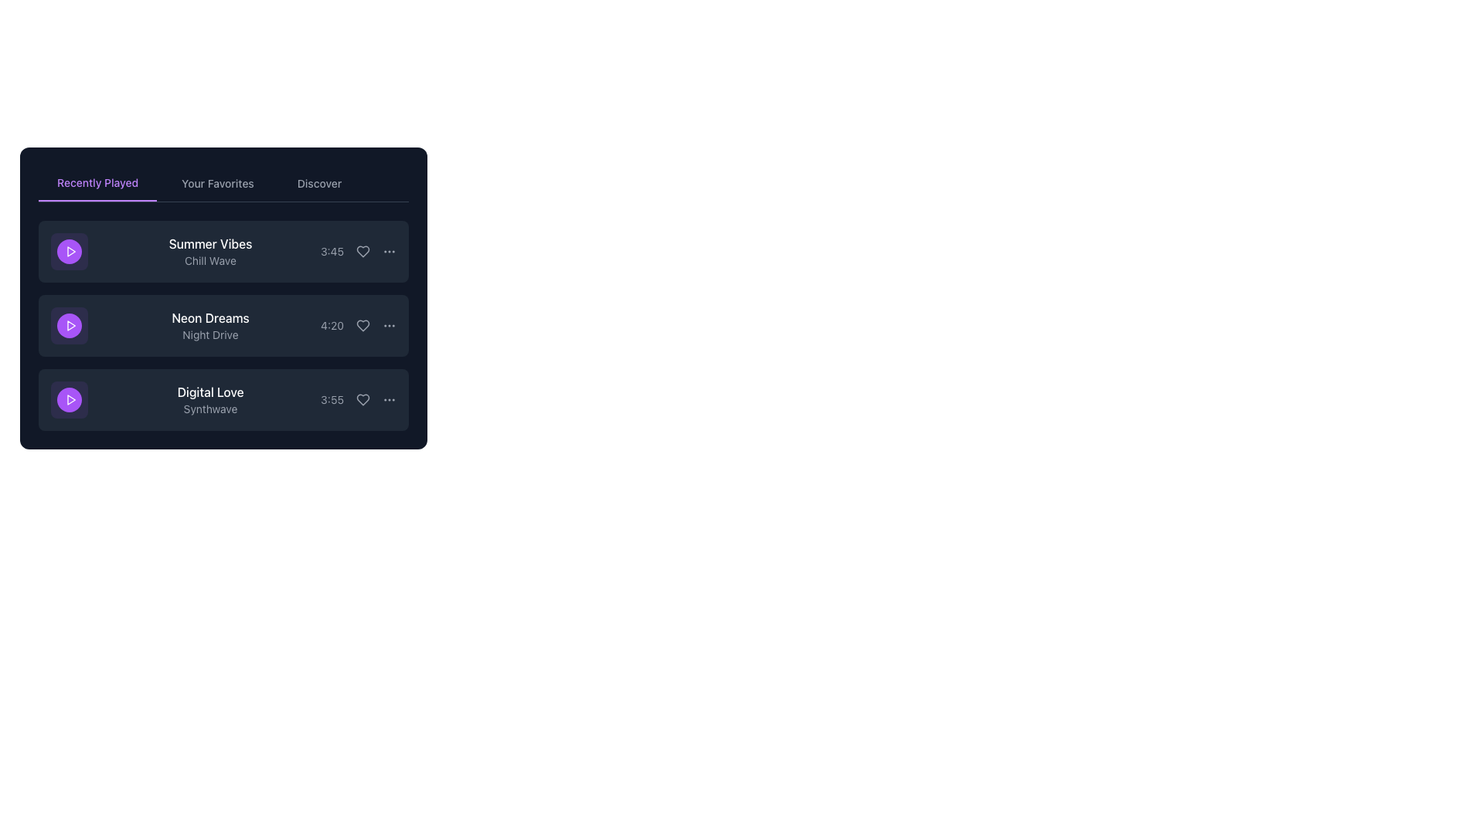  Describe the element at coordinates (223, 183) in the screenshot. I see `the 'Your Favorites' tab in the horizontal navigation bar` at that location.